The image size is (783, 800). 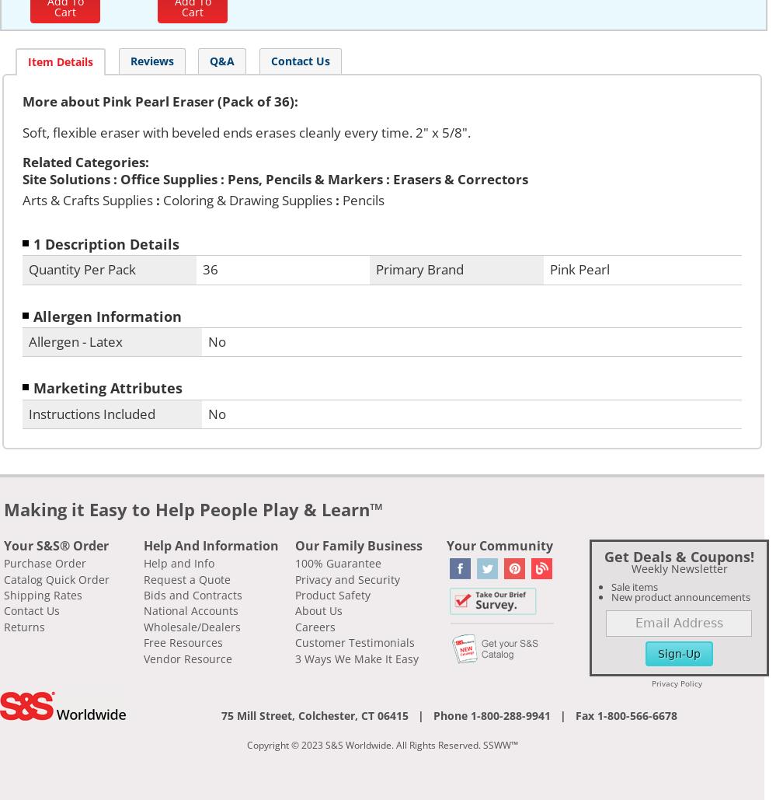 What do you see at coordinates (86, 198) in the screenshot?
I see `'Arts & Crafts Supplies'` at bounding box center [86, 198].